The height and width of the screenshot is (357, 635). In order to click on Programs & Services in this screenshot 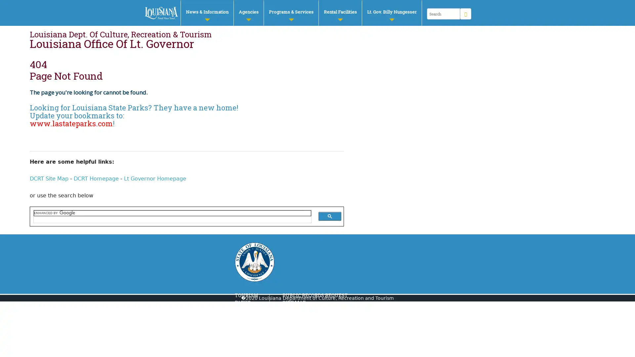, I will do `click(291, 13)`.